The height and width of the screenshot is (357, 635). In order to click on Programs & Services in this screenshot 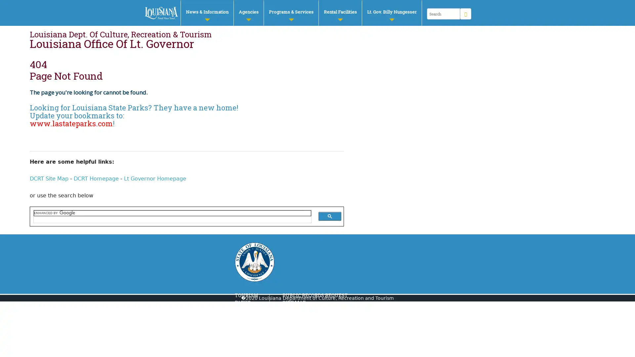, I will do `click(291, 13)`.